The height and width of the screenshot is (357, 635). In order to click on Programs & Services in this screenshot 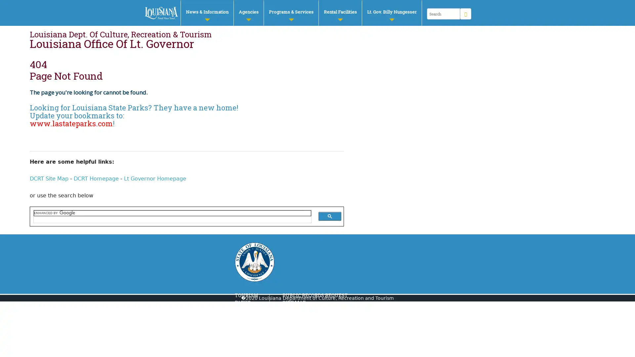, I will do `click(291, 13)`.